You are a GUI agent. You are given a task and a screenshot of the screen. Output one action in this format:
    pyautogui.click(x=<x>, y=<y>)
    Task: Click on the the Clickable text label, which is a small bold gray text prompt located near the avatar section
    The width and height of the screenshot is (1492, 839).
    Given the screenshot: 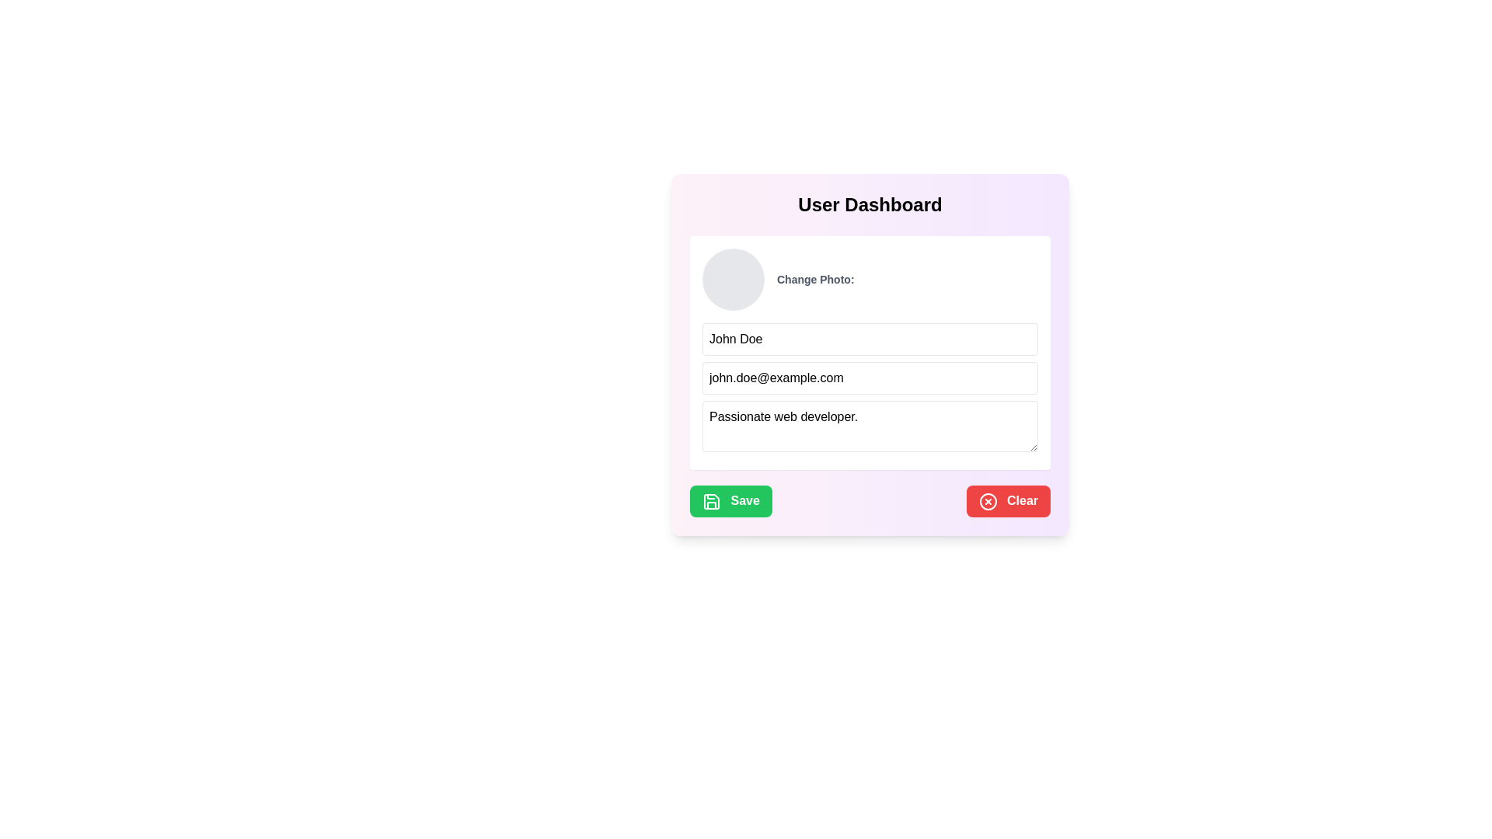 What is the action you would take?
    pyautogui.click(x=814, y=278)
    